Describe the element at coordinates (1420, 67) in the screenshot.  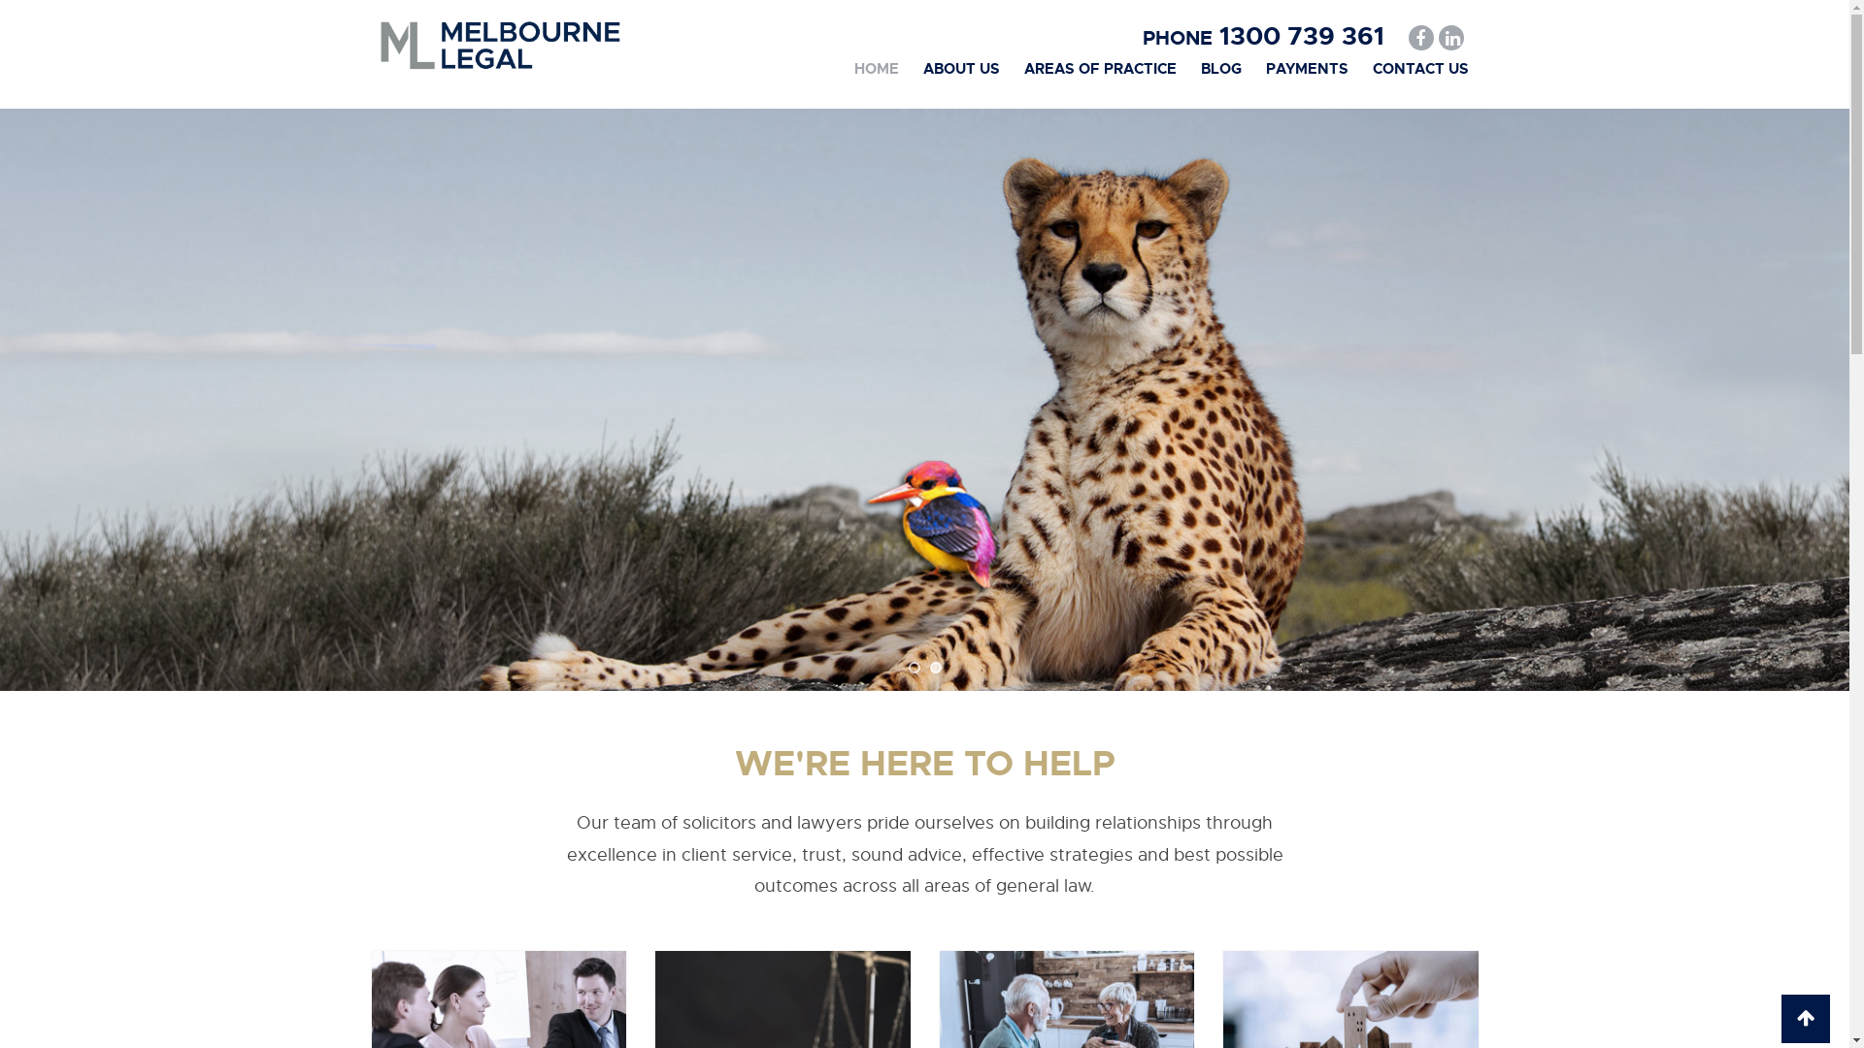
I see `'CONTACT US'` at that location.